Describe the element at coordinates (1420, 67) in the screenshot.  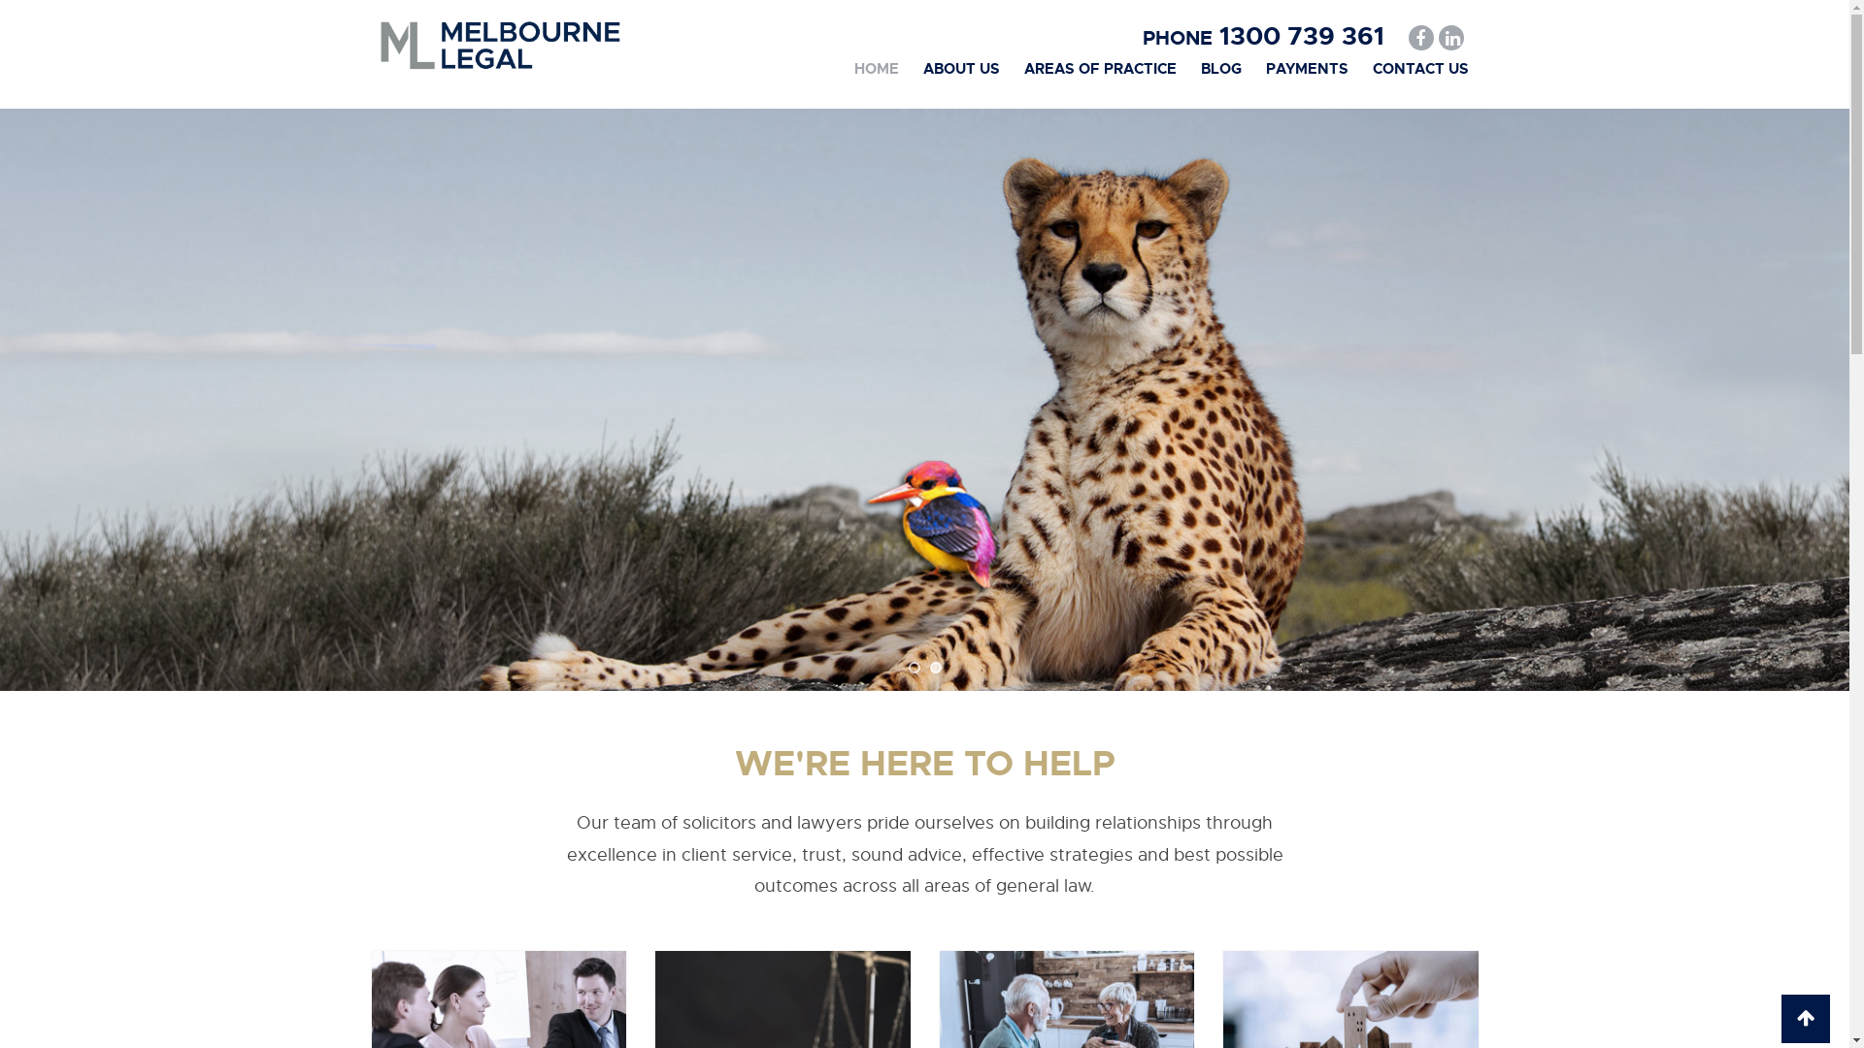
I see `'CONTACT US'` at that location.